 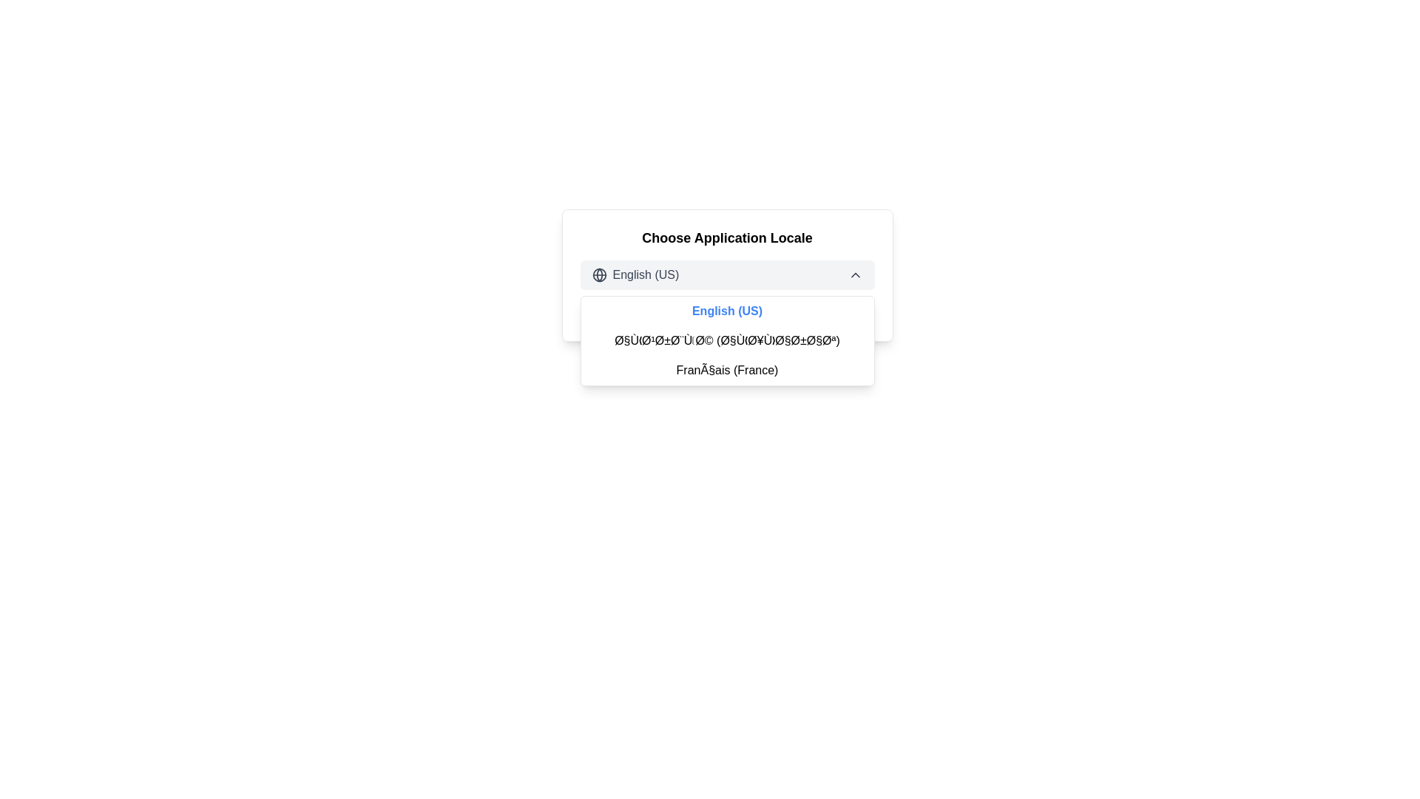 I want to click on the middle segment of the globe icon in the SVG, which is decorative and non-interactive, positioned between the outer circle and a horizontal line, so click(x=599, y=274).